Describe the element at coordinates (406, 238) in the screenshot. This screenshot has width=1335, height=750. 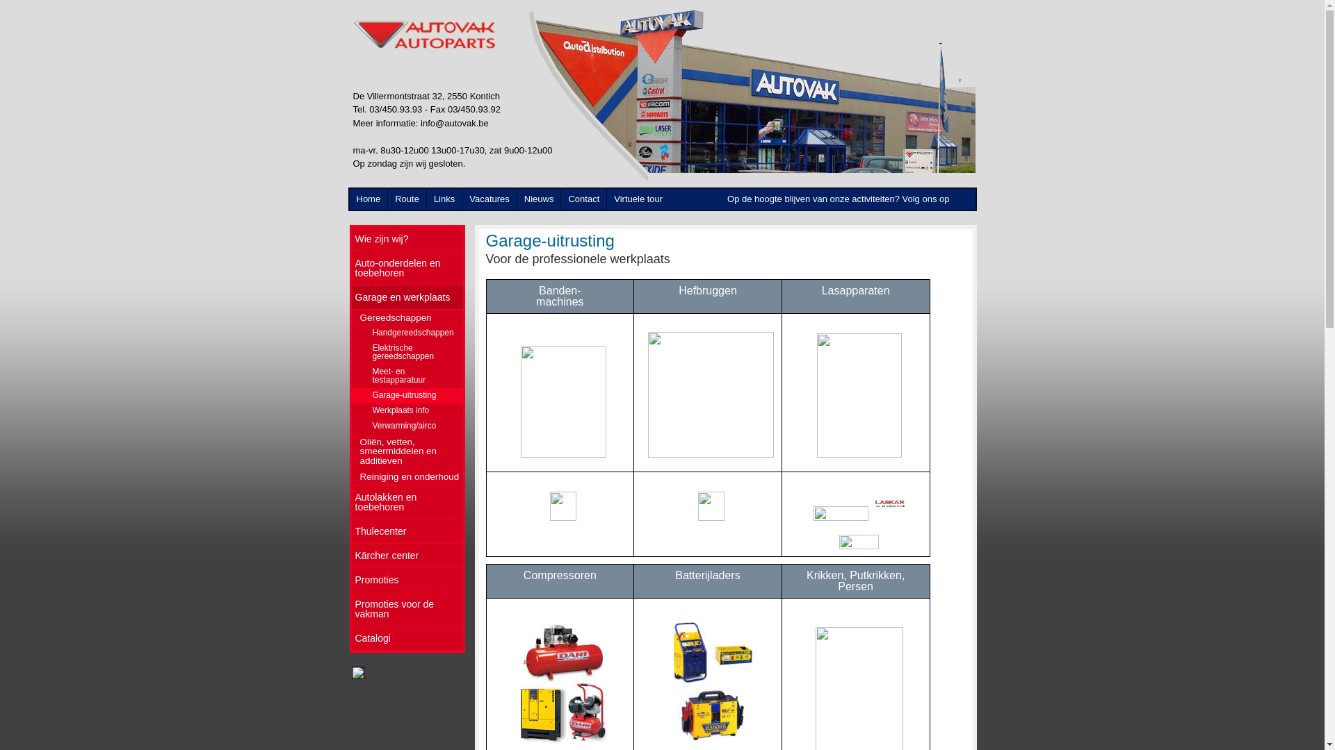
I see `'Wie zijn wij?'` at that location.